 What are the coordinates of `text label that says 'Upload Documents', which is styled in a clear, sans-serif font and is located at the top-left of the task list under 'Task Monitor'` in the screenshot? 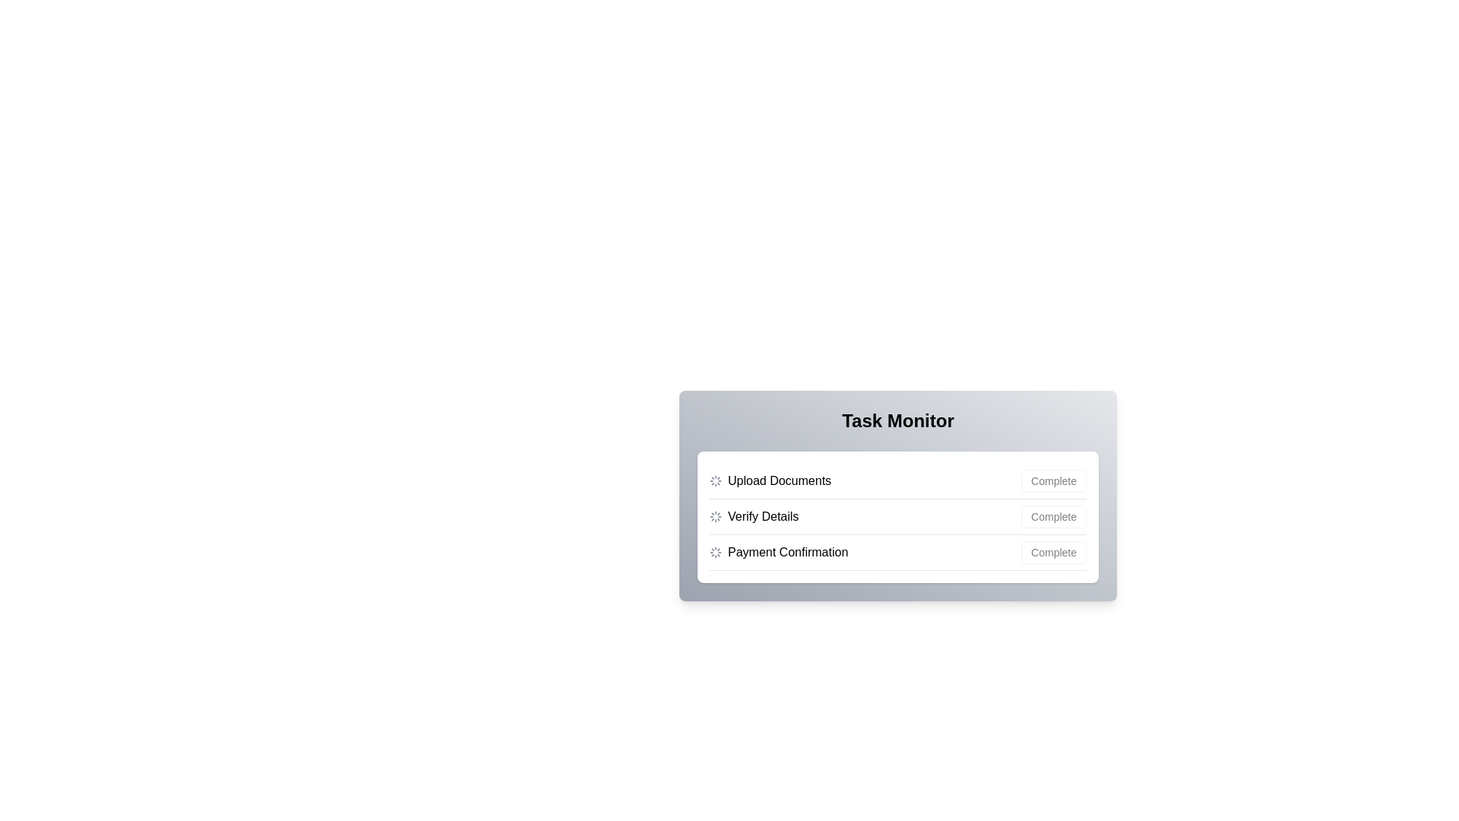 It's located at (780, 480).